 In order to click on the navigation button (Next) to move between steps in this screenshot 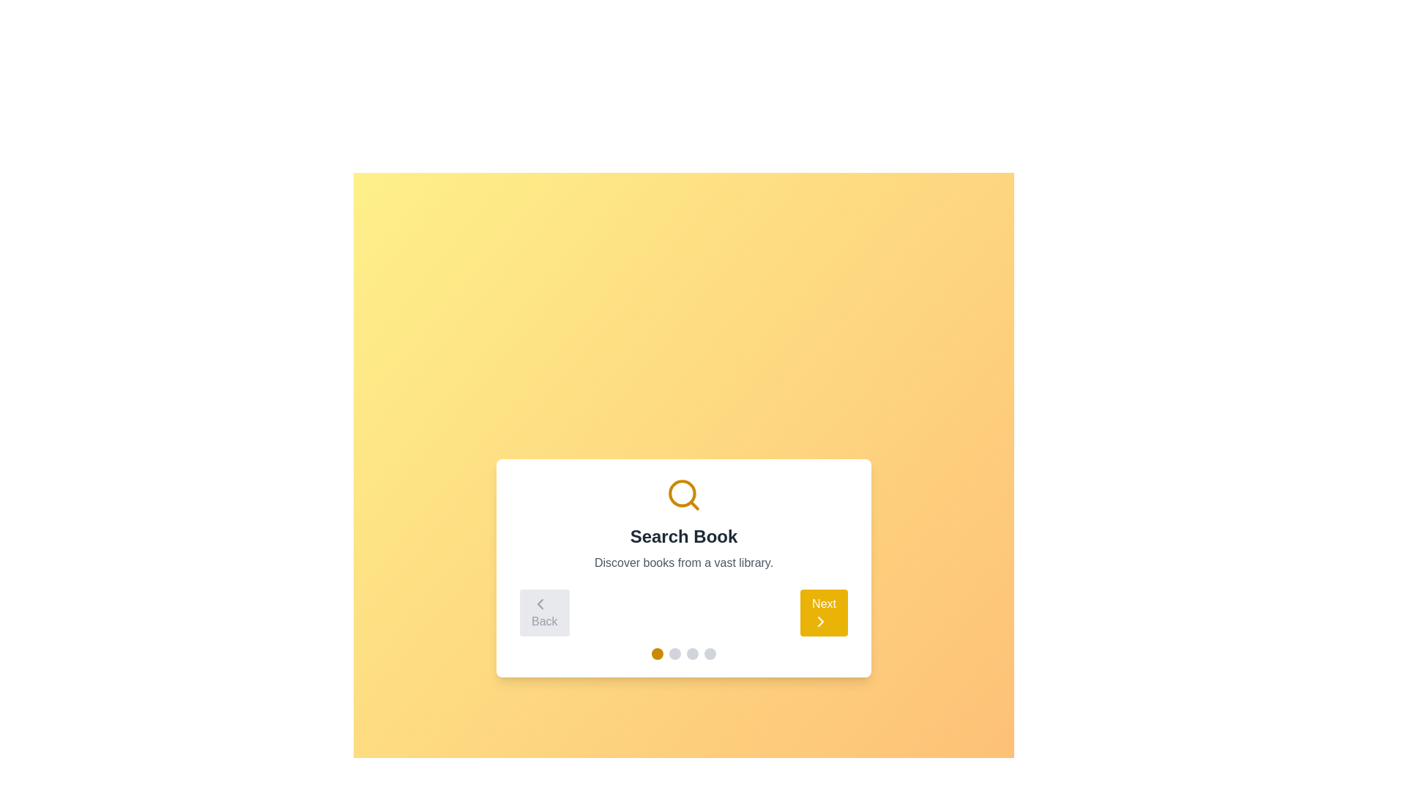, I will do `click(824, 613)`.